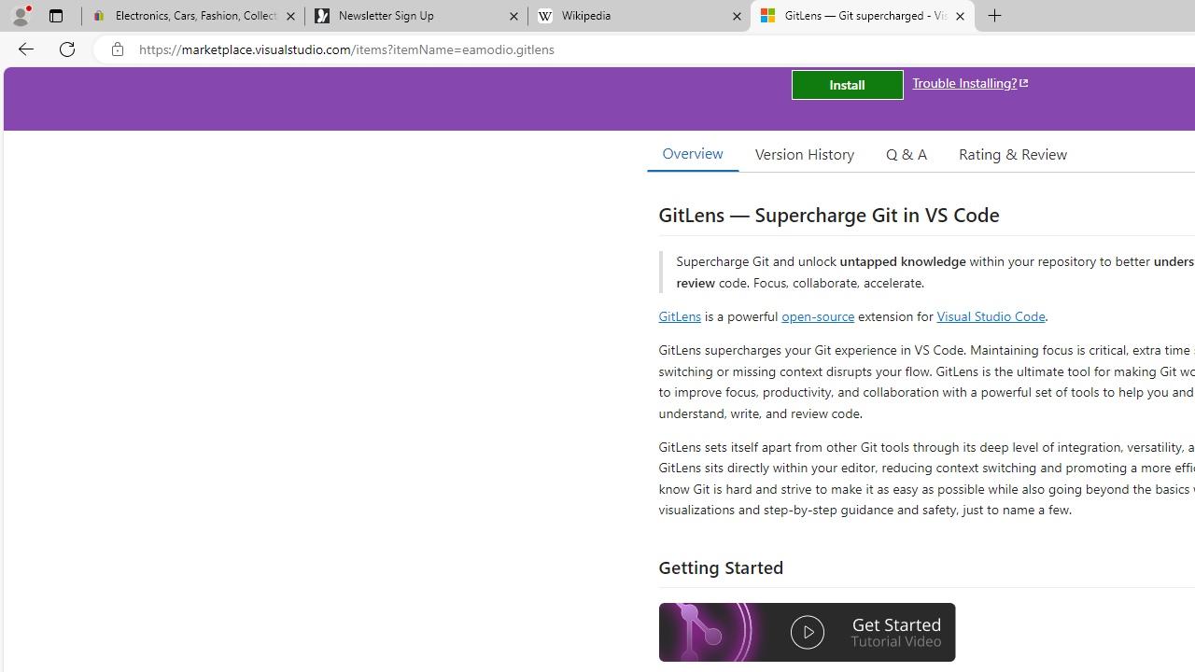 This screenshot has height=672, width=1195. I want to click on 'Back', so click(22, 48).